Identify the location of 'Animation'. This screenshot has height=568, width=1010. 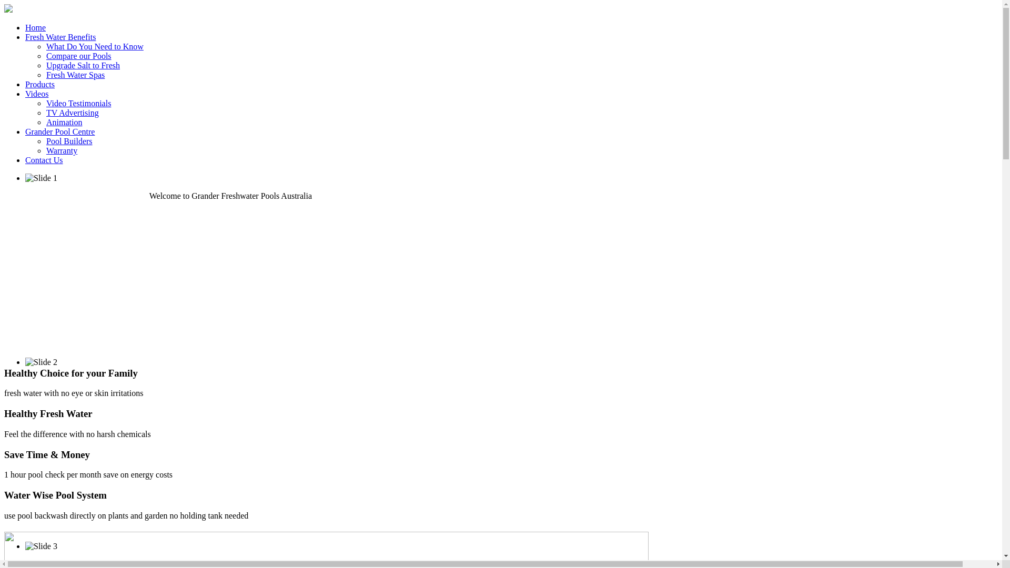
(45, 121).